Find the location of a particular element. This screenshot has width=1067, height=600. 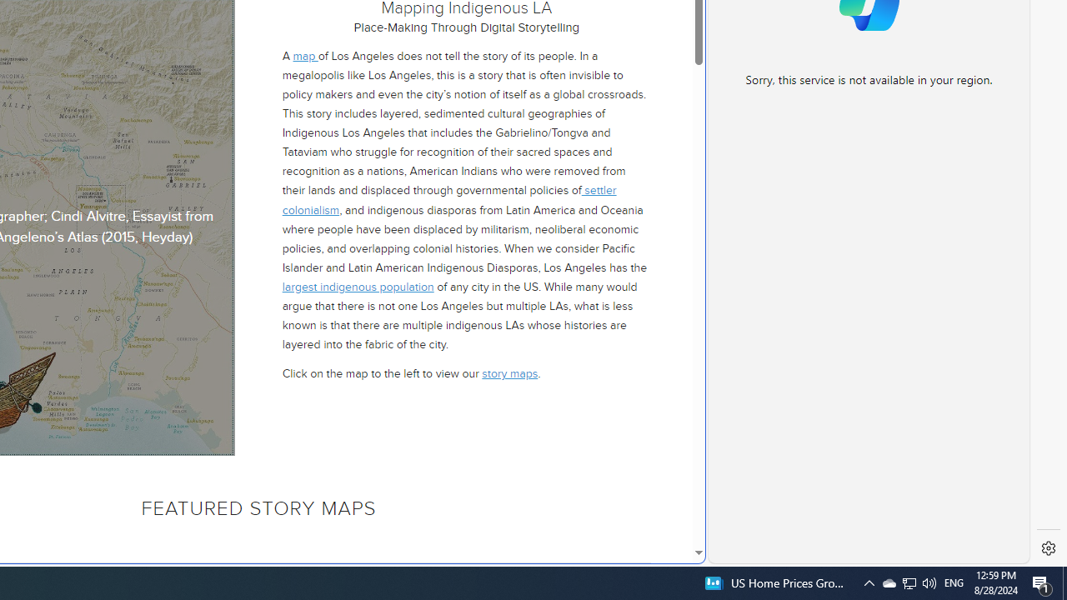

'story maps' is located at coordinates (509, 372).